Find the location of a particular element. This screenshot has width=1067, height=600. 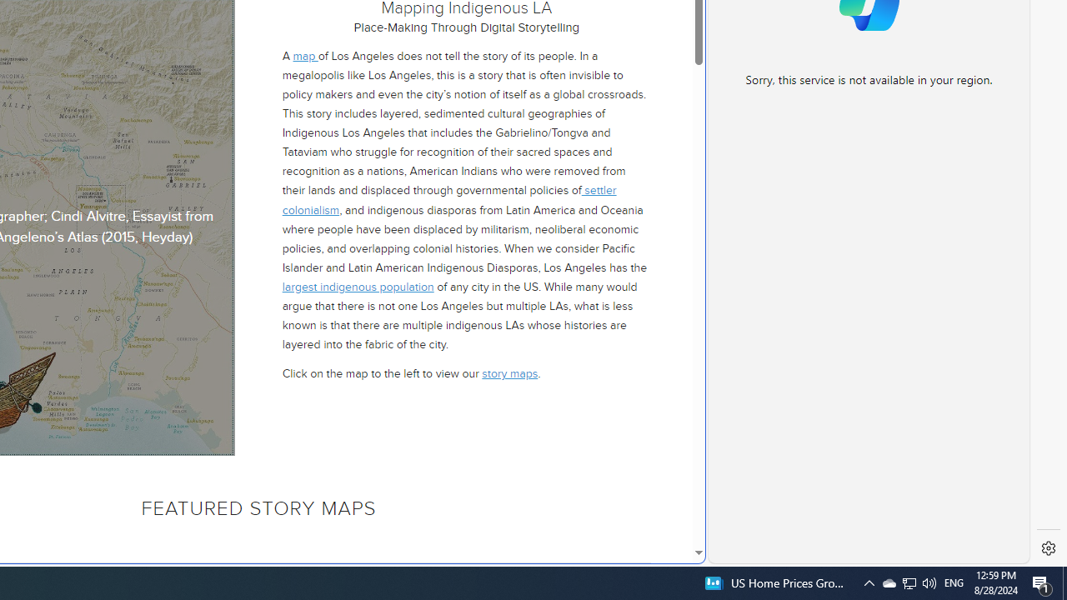

'story maps' is located at coordinates (509, 372).